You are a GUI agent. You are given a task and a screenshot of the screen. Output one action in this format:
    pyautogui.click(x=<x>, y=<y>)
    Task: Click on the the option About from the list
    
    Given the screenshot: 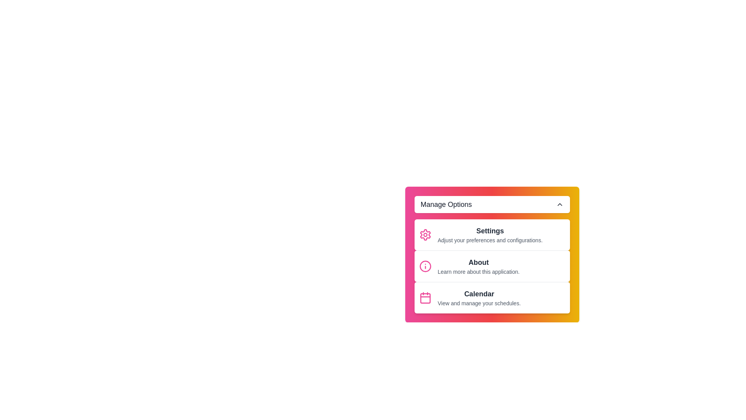 What is the action you would take?
    pyautogui.click(x=492, y=266)
    